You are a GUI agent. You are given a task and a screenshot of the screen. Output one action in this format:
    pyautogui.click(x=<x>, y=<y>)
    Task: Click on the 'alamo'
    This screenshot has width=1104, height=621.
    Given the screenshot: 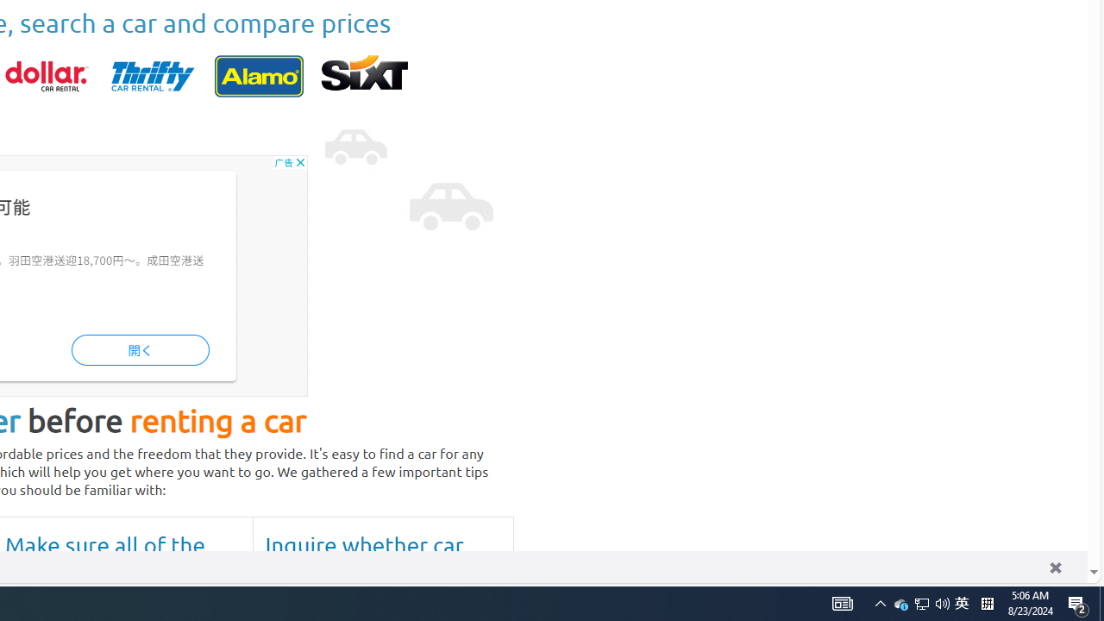 What is the action you would take?
    pyautogui.click(x=258, y=75)
    